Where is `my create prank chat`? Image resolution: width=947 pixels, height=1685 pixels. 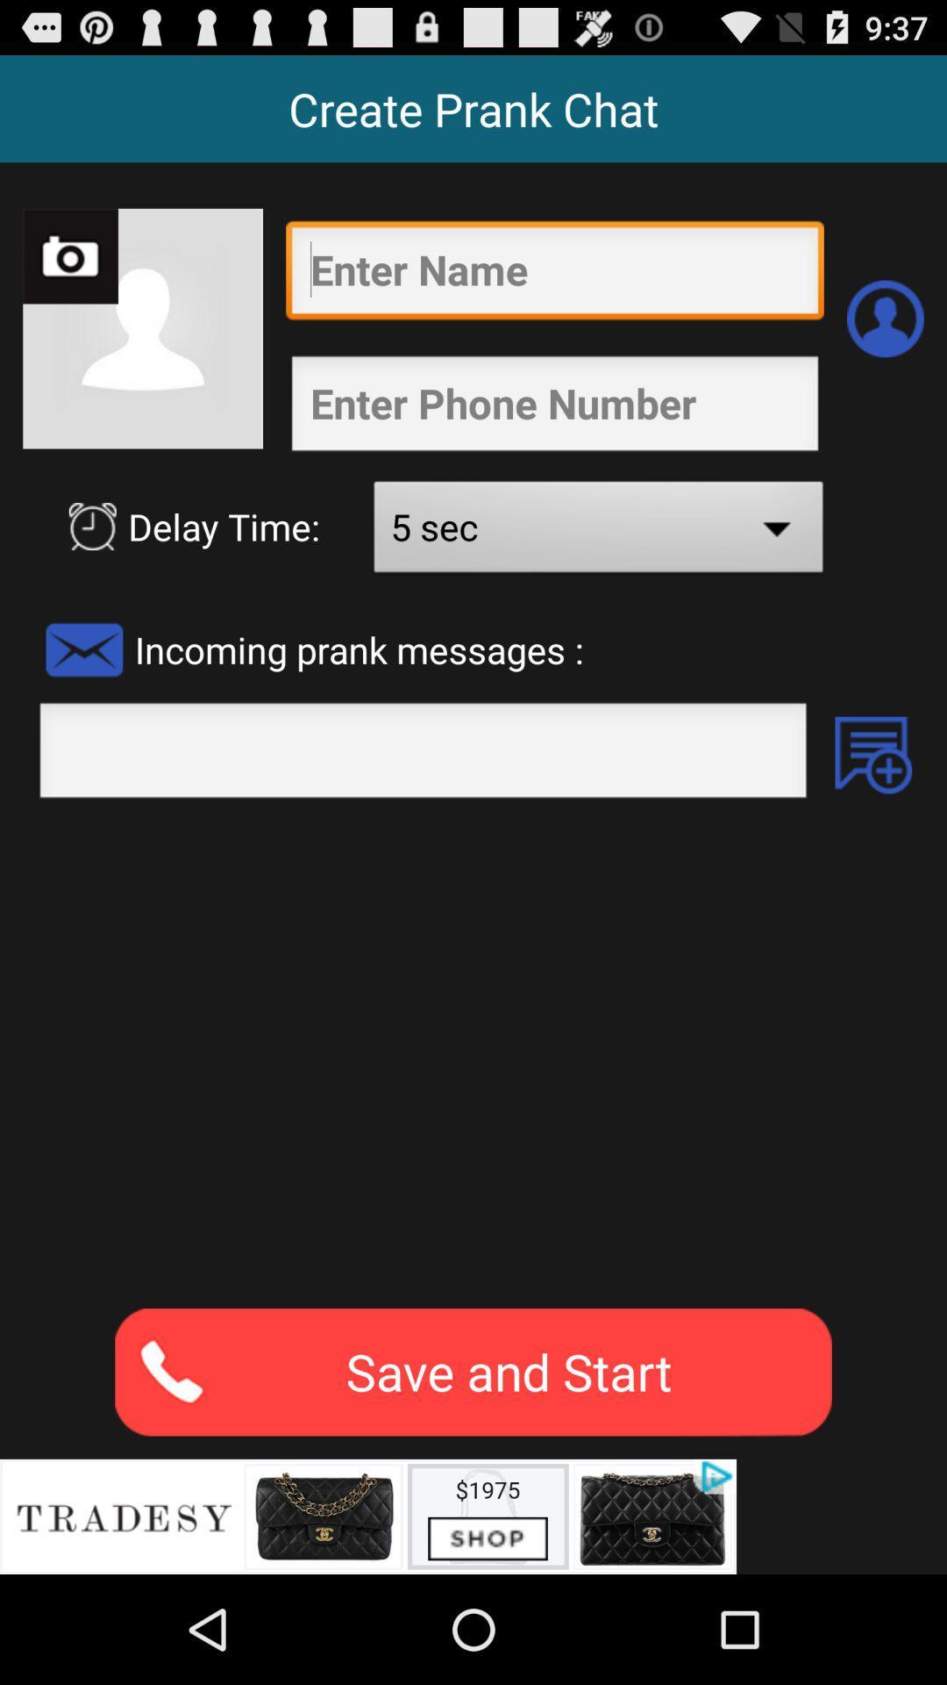
my create prank chat is located at coordinates (554, 407).